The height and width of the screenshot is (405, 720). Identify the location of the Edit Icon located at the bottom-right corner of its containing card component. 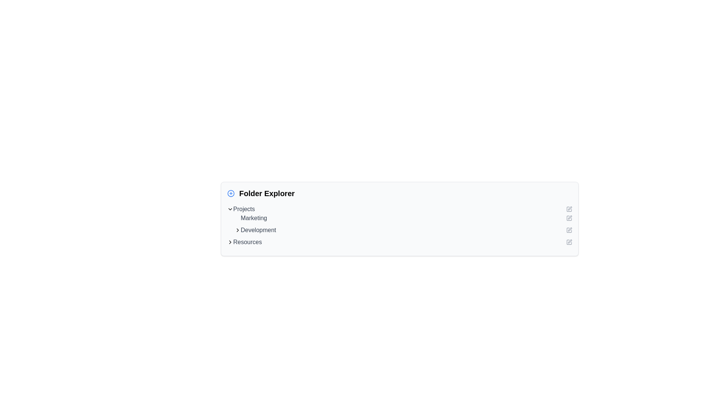
(569, 229).